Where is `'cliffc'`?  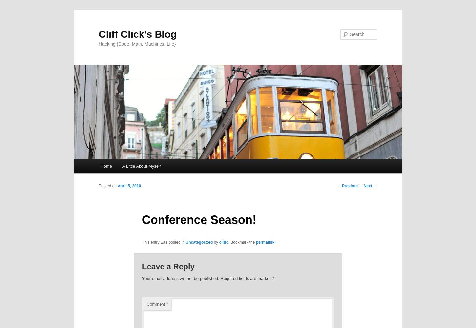 'cliffc' is located at coordinates (219, 242).